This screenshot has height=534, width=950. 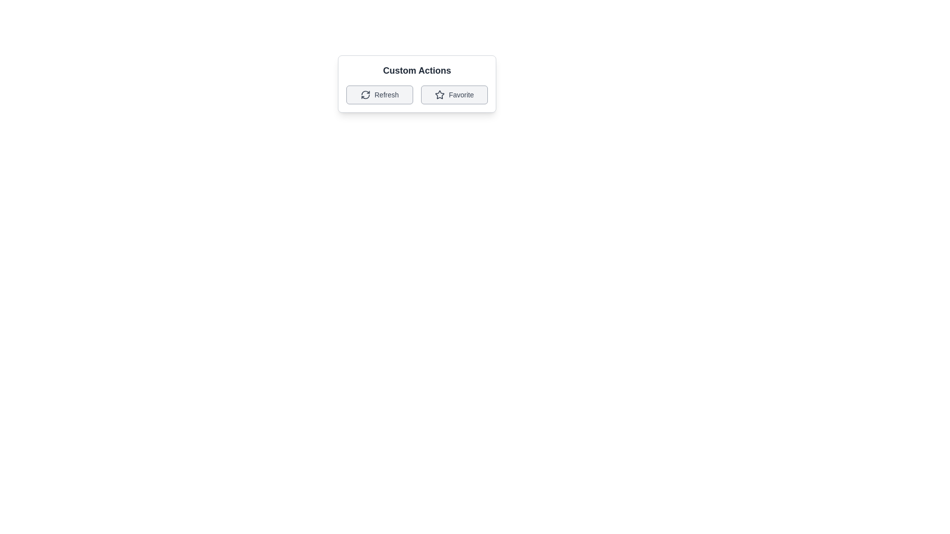 What do you see at coordinates (417, 70) in the screenshot?
I see `the text label displaying 'Custom Actions' in bold, larger font size and dark gray color, which serves as the title above the grid layout` at bounding box center [417, 70].